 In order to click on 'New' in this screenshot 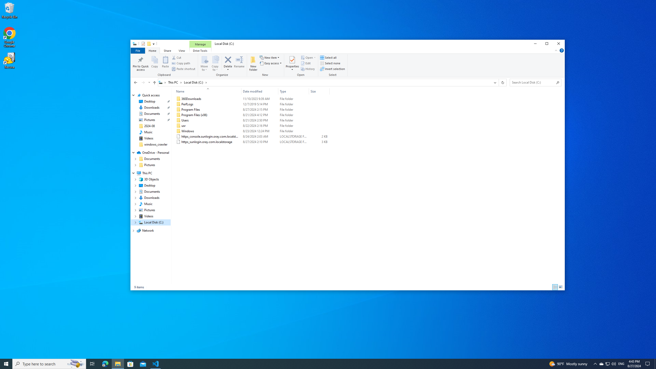, I will do `click(265, 66)`.